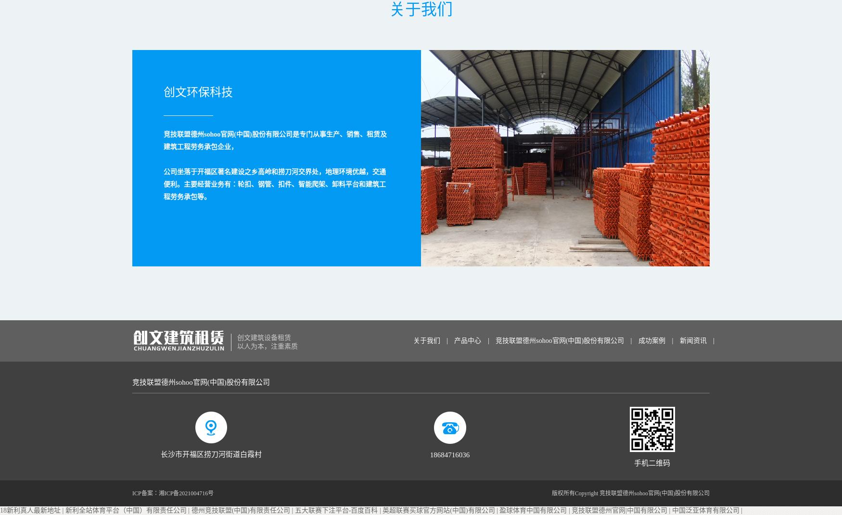 The image size is (842, 515). What do you see at coordinates (275, 140) in the screenshot?
I see `'竞技联盟德州sohoo官网(中国)股份有限公司是专门从事生产、销售、租赁及建筑工程劳务承包企业，'` at bounding box center [275, 140].